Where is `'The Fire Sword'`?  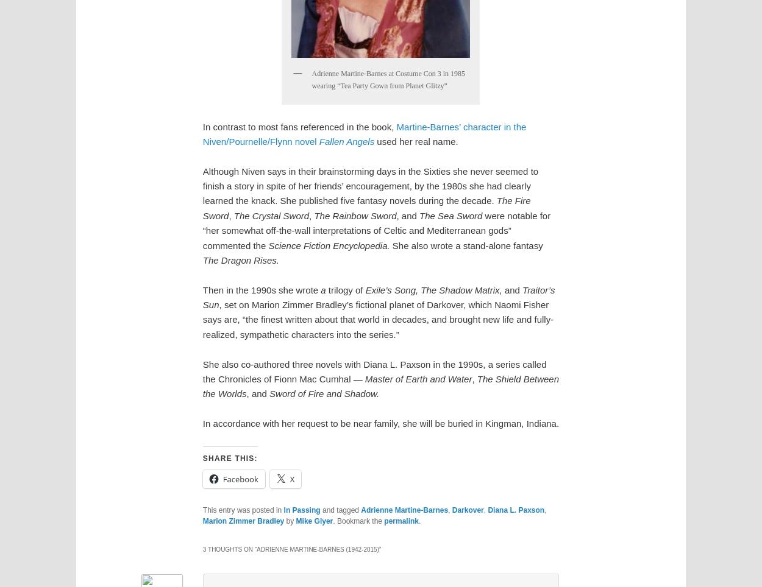 'The Fire Sword' is located at coordinates (366, 207).